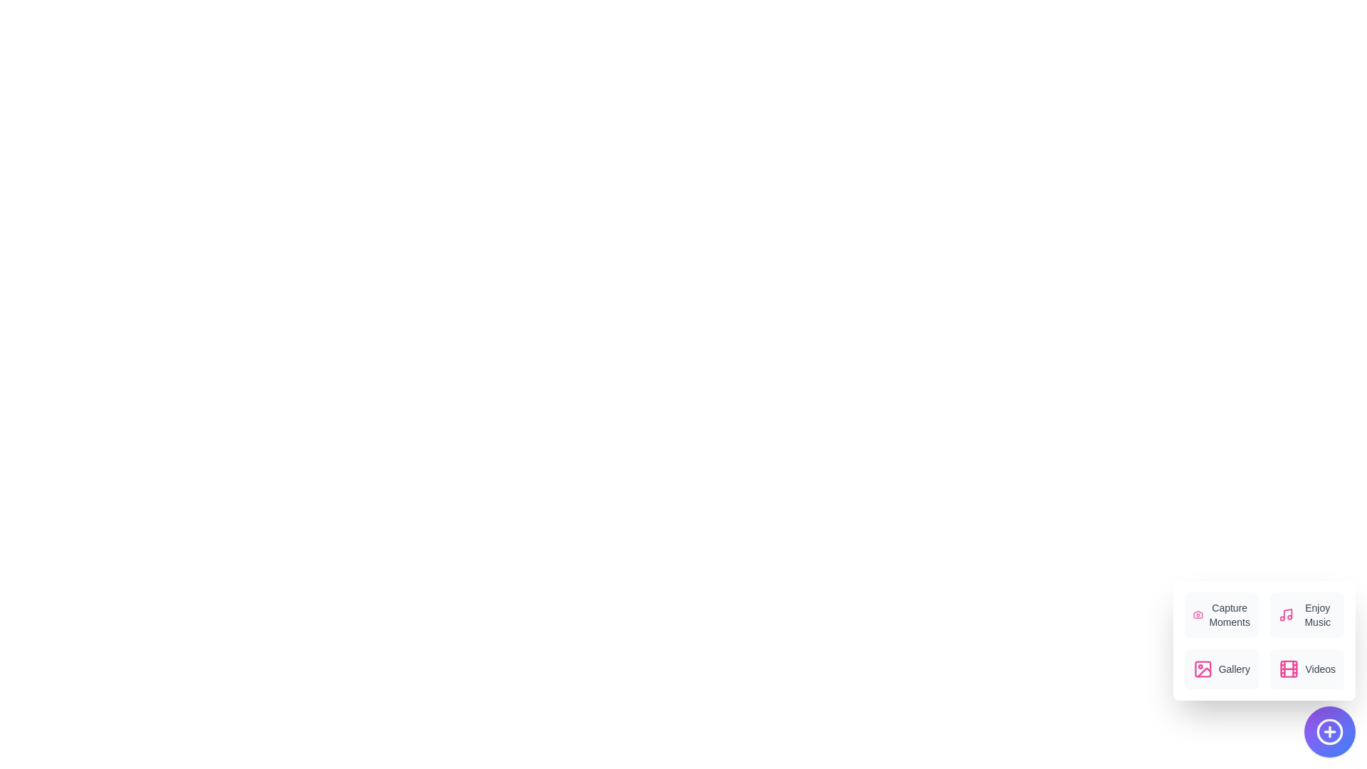  What do you see at coordinates (1221, 614) in the screenshot?
I see `the menu item labeled 'Capture Moments' to observe its hover effect` at bounding box center [1221, 614].